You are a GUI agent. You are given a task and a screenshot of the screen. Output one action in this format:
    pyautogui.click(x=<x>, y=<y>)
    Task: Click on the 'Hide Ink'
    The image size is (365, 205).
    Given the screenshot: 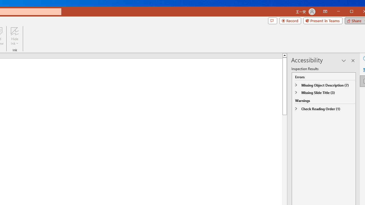 What is the action you would take?
    pyautogui.click(x=15, y=36)
    